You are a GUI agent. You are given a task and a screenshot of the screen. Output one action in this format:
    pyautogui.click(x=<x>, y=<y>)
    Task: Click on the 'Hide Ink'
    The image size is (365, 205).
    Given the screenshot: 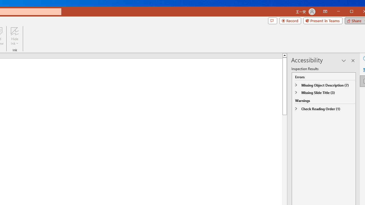 What is the action you would take?
    pyautogui.click(x=15, y=36)
    